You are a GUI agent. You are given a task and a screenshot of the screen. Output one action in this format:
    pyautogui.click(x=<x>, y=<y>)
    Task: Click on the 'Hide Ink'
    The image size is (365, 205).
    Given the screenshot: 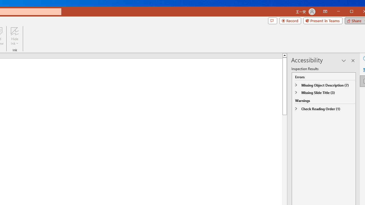 What is the action you would take?
    pyautogui.click(x=15, y=36)
    